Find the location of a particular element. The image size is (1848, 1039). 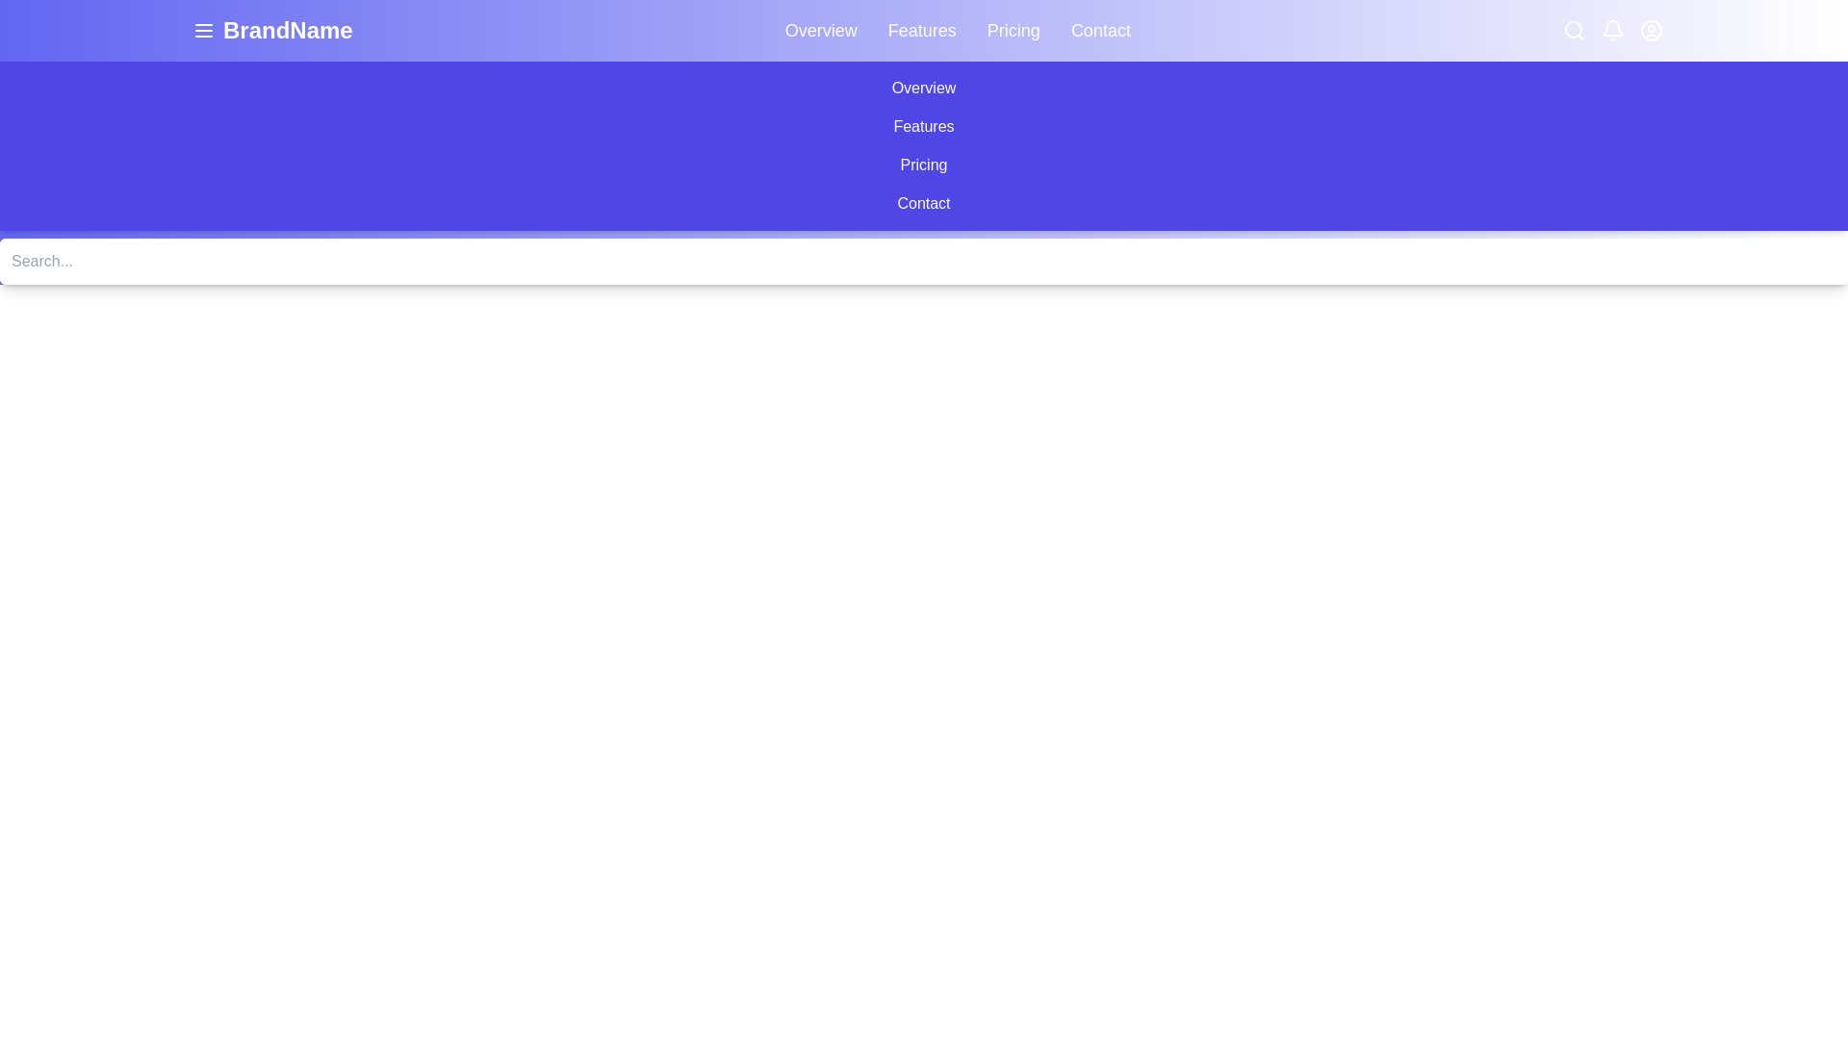

the 'Pricing' link in the navigation menu is located at coordinates (1013, 30).